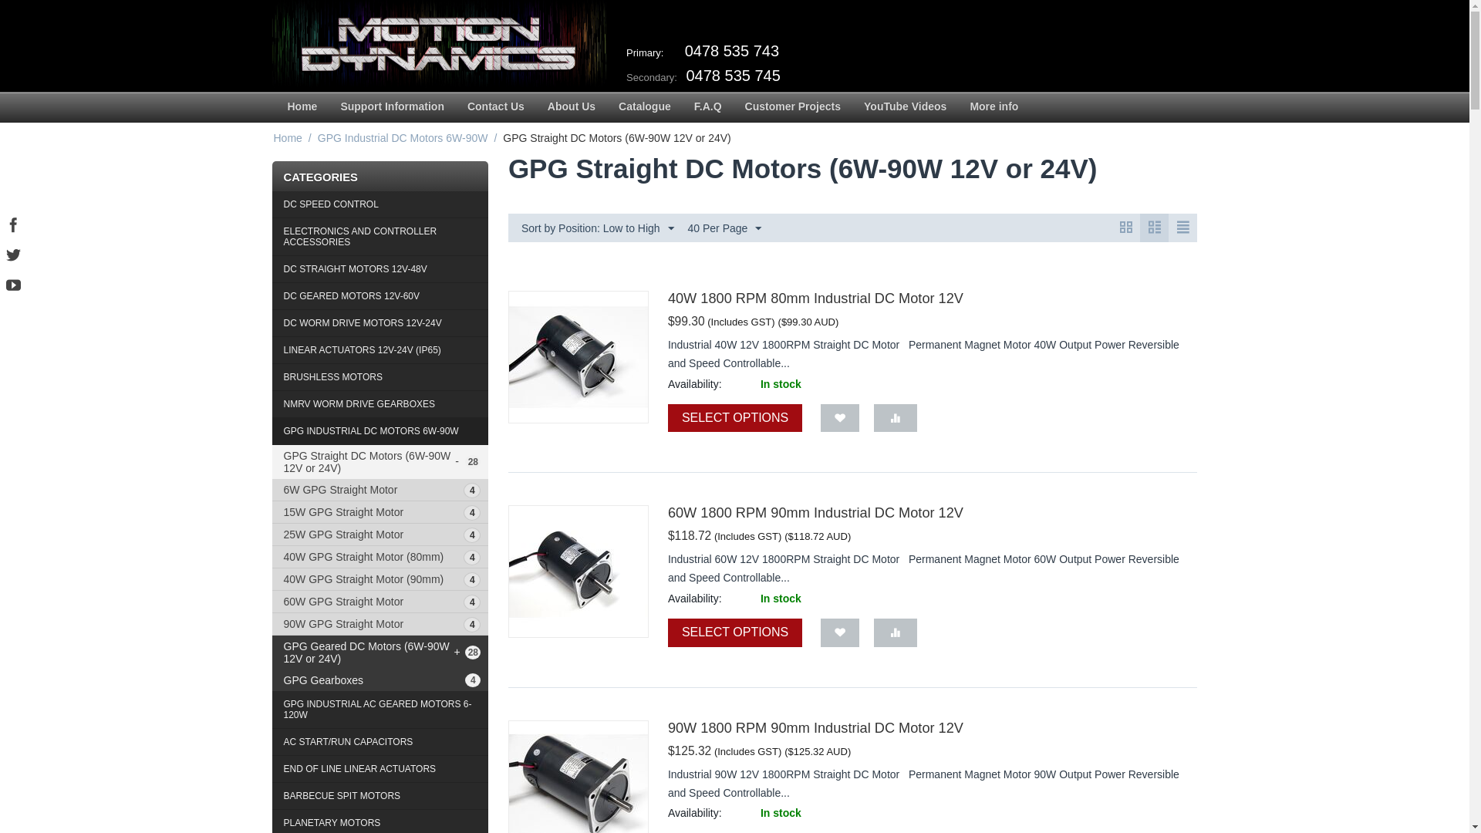 This screenshot has height=833, width=1481. I want to click on '6W GPG Straight Motor, so click(380, 490).